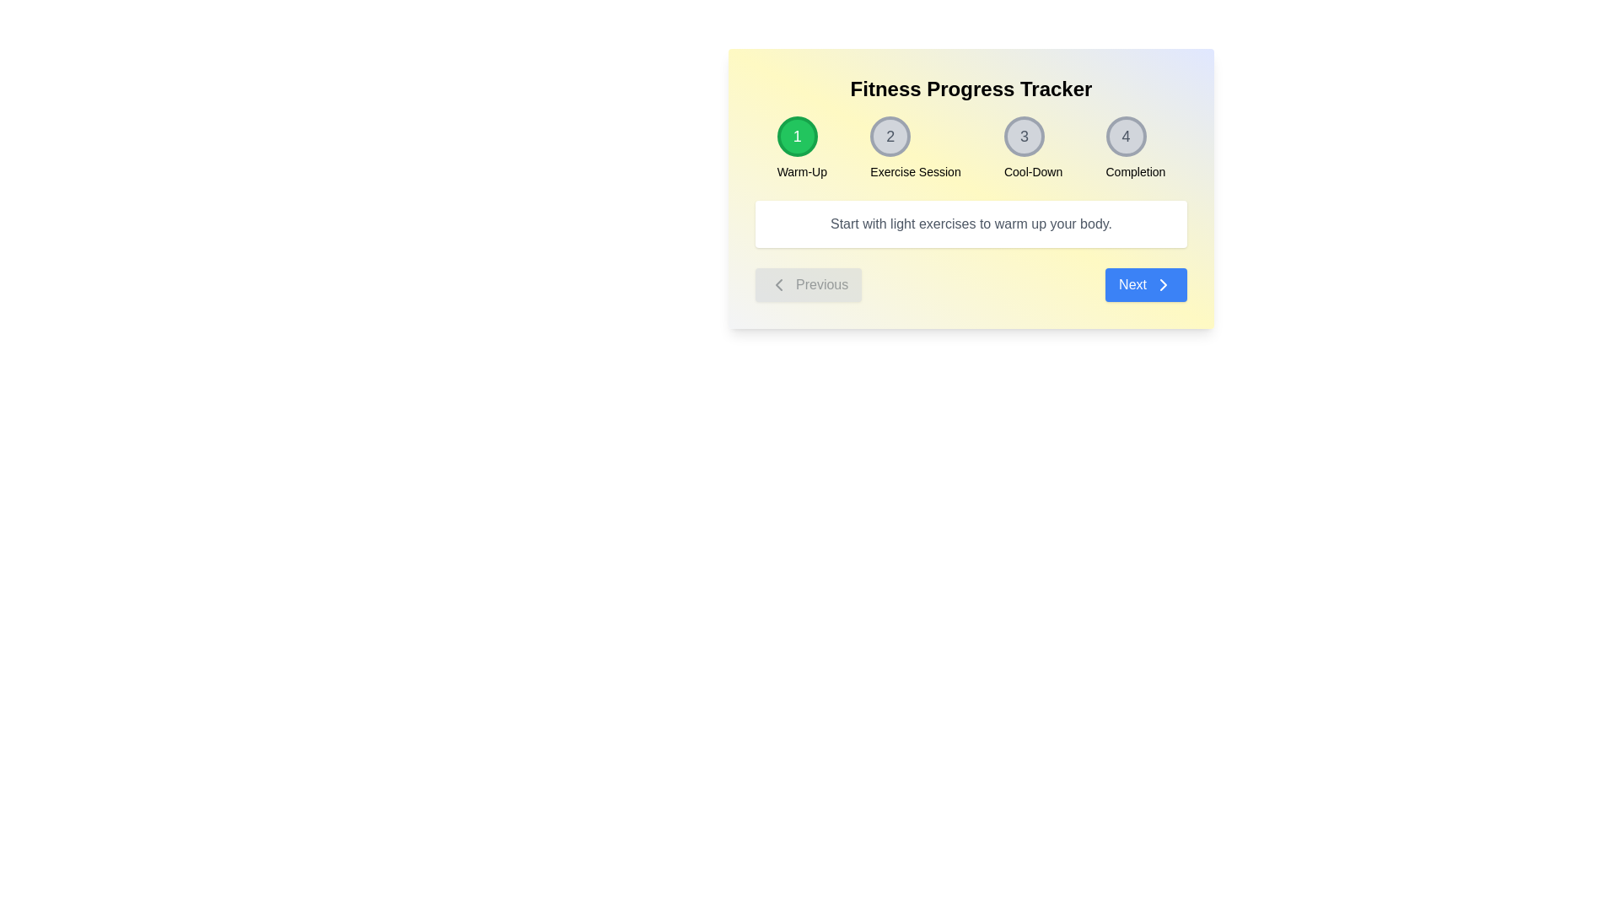 This screenshot has width=1619, height=911. What do you see at coordinates (890, 136) in the screenshot?
I see `the second step indicator text label located within a light gray circular region bordered by a darker gray ring, positioned horizontally near the top of the interface` at bounding box center [890, 136].